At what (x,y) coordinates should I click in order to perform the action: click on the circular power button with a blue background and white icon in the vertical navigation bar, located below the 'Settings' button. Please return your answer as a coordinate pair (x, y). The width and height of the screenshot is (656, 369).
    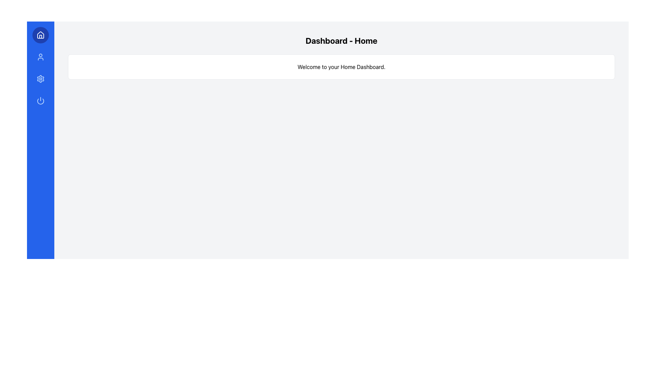
    Looking at the image, I should click on (40, 100).